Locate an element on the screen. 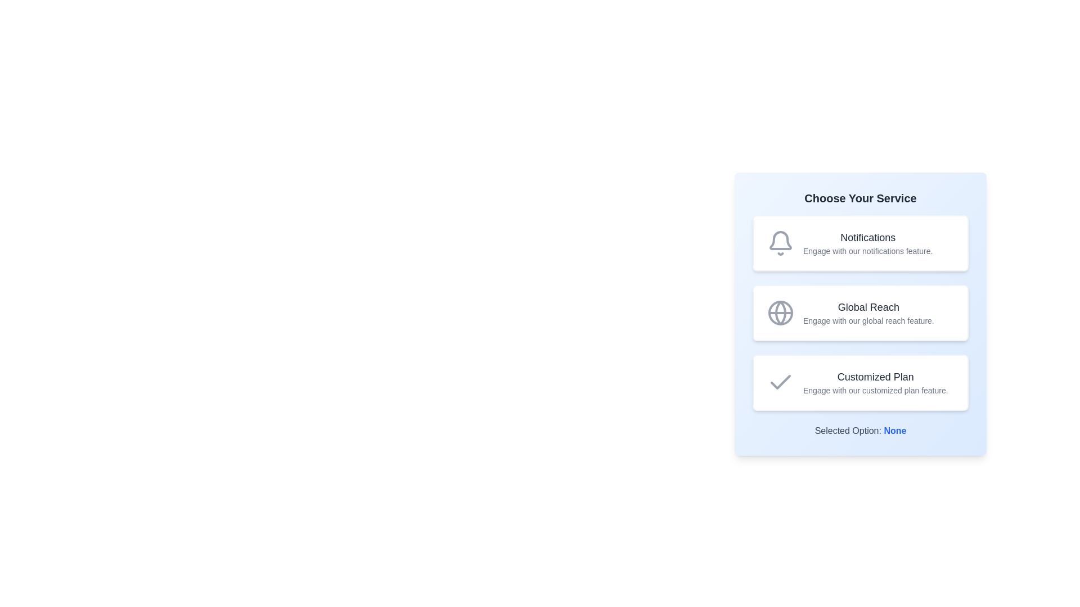  the 'Global Reach' Button-Style Card, which is the middle element in a vertical stack of three cards labeled 'Notifications', 'Global Reach', and 'Customized Plan' is located at coordinates (860, 312).